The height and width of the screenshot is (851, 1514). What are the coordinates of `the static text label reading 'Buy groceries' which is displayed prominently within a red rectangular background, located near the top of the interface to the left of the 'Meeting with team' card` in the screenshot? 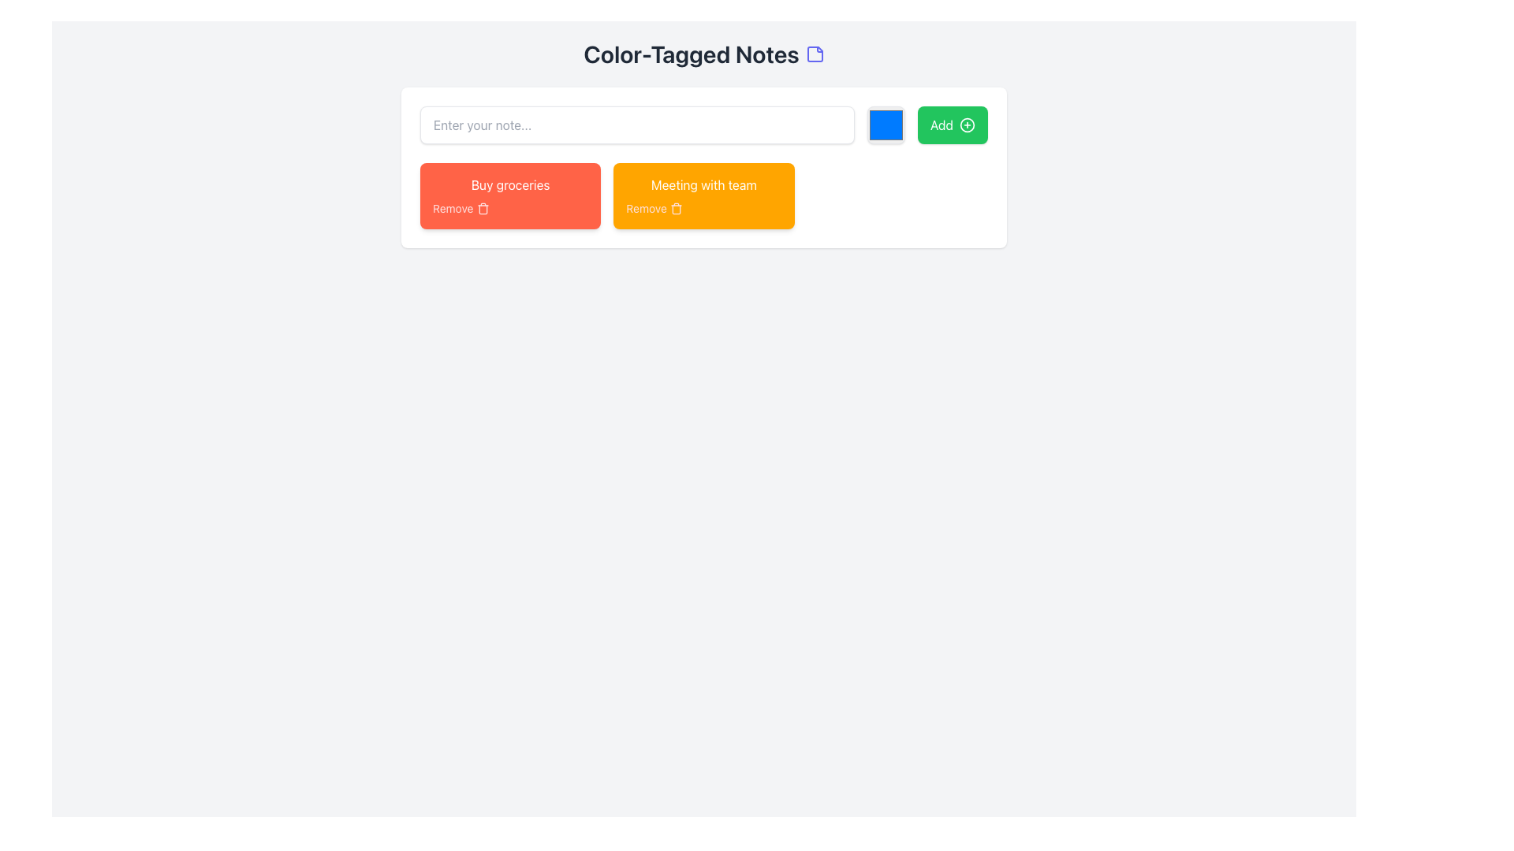 It's located at (510, 184).